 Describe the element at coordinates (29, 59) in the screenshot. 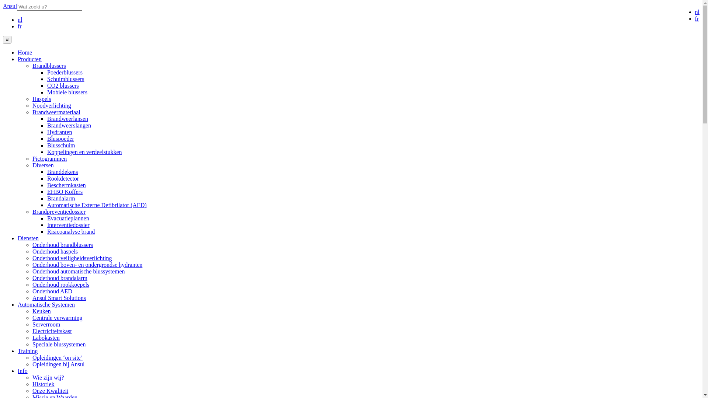

I see `'Producten'` at that location.